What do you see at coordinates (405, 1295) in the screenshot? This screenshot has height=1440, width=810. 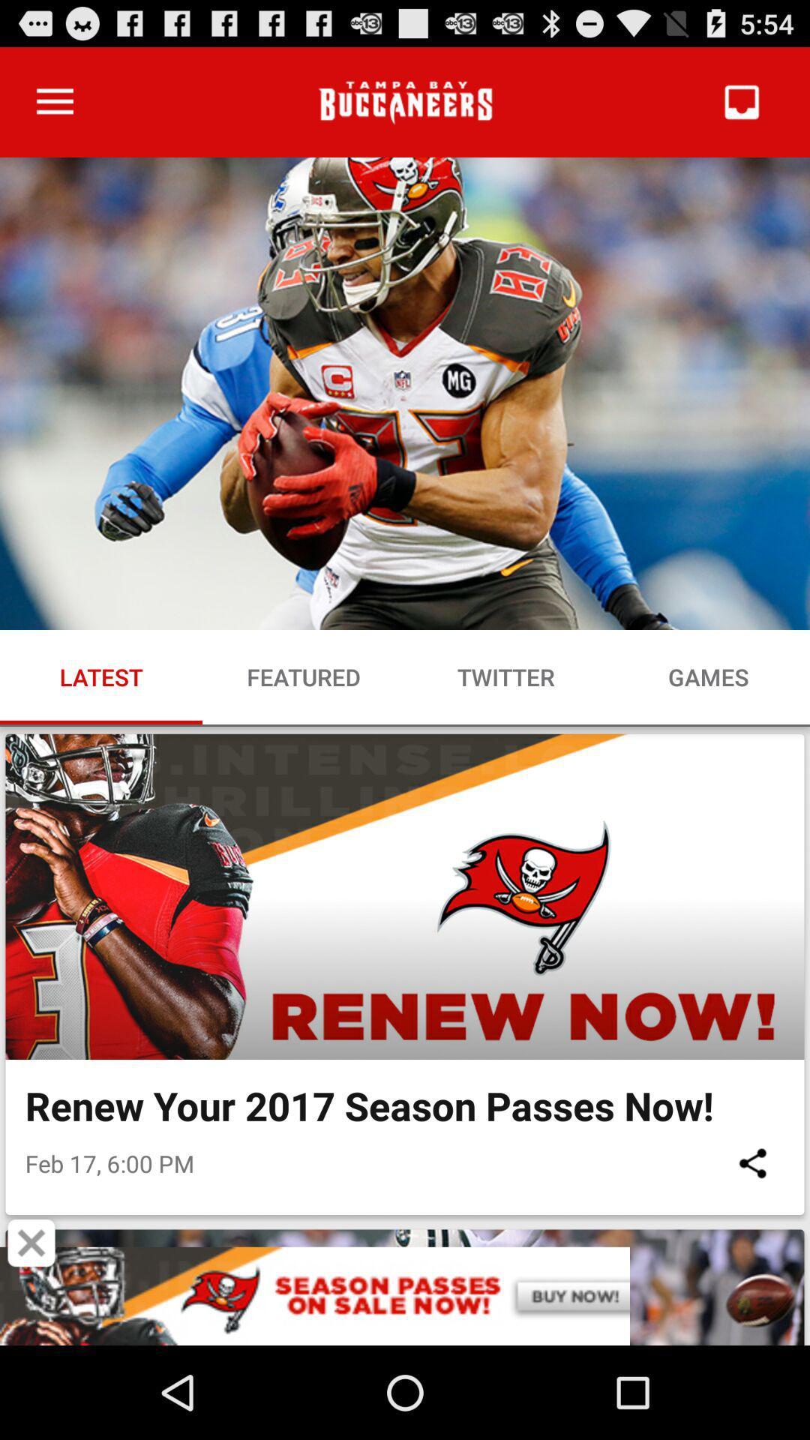 I see `advertisement option` at bounding box center [405, 1295].